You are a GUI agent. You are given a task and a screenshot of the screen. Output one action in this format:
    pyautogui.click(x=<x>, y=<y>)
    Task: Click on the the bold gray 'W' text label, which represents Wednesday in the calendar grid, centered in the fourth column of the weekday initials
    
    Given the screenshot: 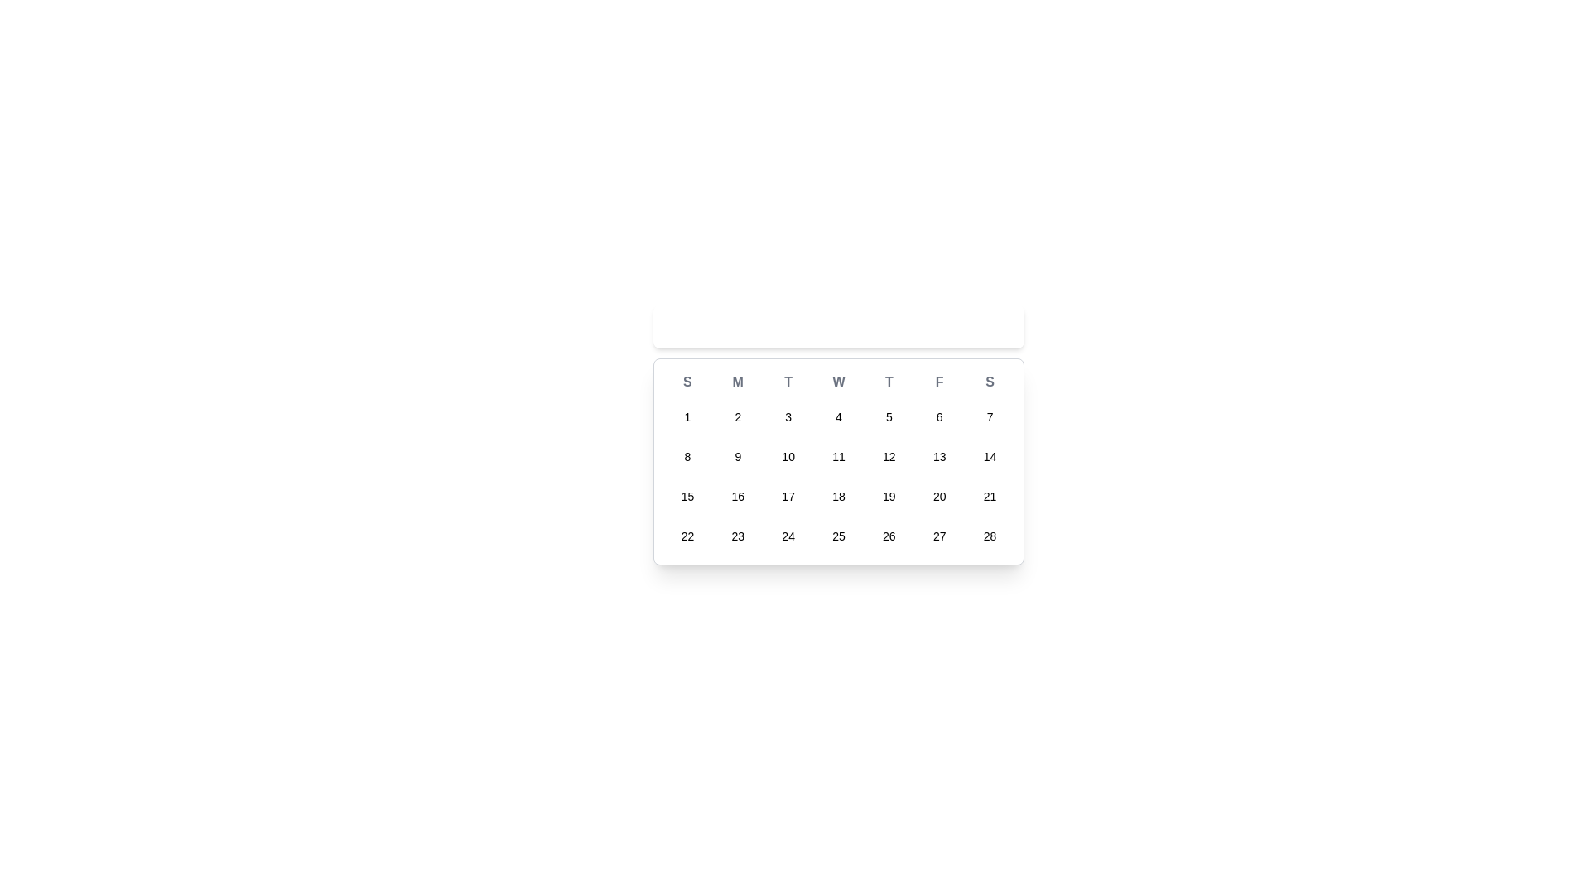 What is the action you would take?
    pyautogui.click(x=838, y=382)
    